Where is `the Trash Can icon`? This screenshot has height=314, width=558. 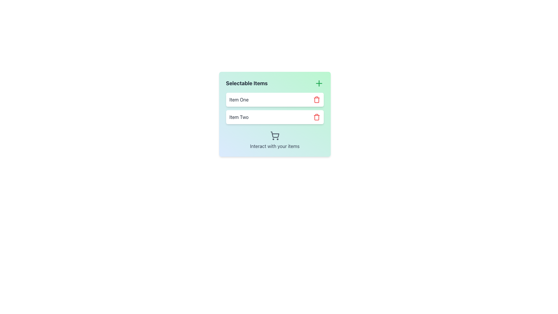 the Trash Can icon is located at coordinates (316, 99).